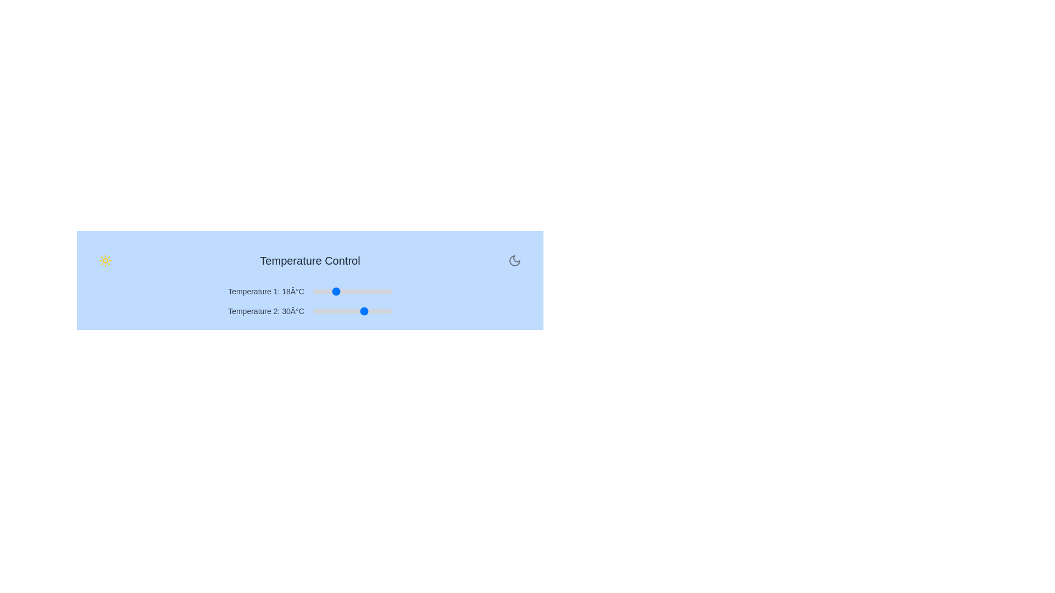 The width and height of the screenshot is (1055, 593). What do you see at coordinates (331, 291) in the screenshot?
I see `Temperature 1` at bounding box center [331, 291].